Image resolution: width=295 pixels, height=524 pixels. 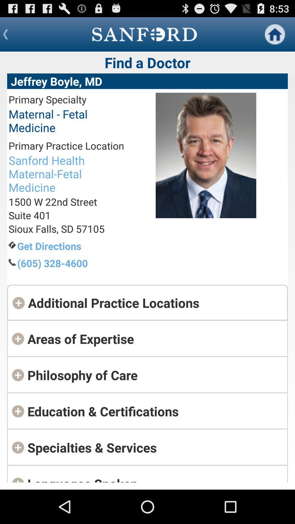 I want to click on the sanford health maternal item, so click(x=66, y=173).